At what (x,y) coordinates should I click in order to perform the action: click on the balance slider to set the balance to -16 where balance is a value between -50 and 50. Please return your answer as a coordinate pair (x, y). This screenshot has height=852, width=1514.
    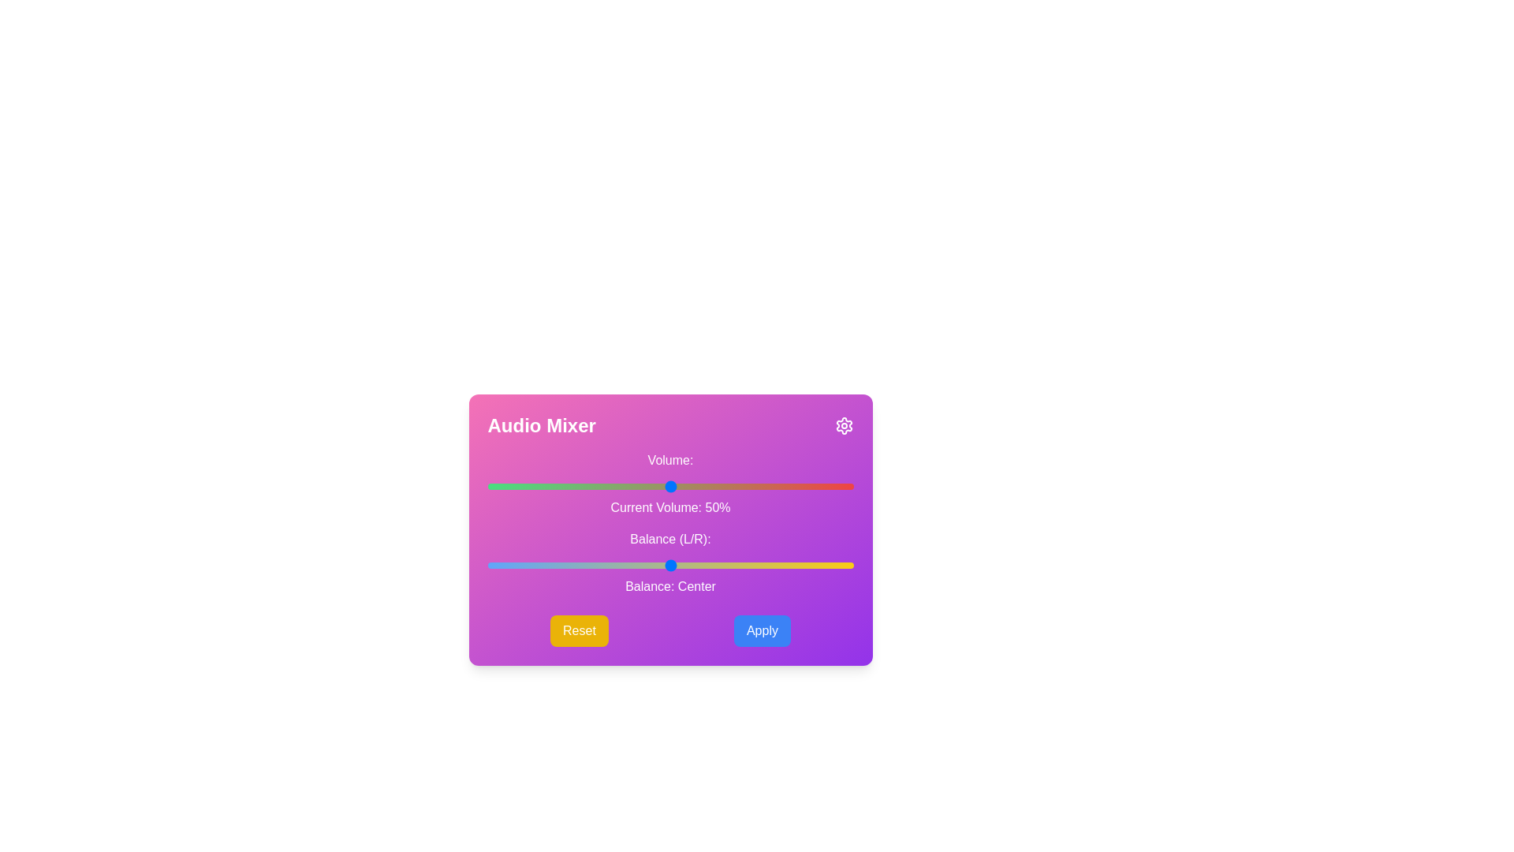
    Looking at the image, I should click on (611, 565).